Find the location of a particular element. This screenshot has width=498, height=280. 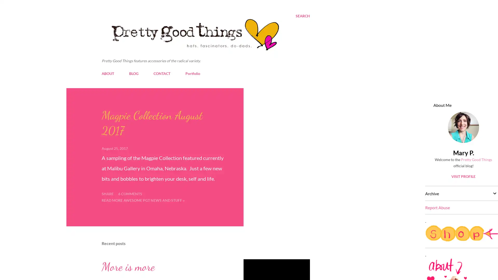

Search is located at coordinates (302, 16).